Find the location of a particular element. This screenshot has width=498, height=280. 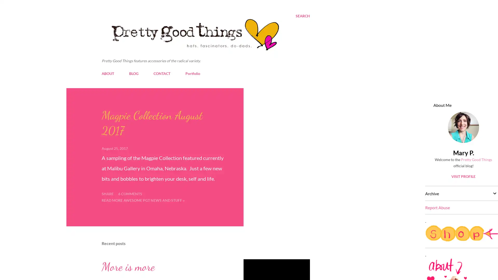

Search is located at coordinates (302, 16).